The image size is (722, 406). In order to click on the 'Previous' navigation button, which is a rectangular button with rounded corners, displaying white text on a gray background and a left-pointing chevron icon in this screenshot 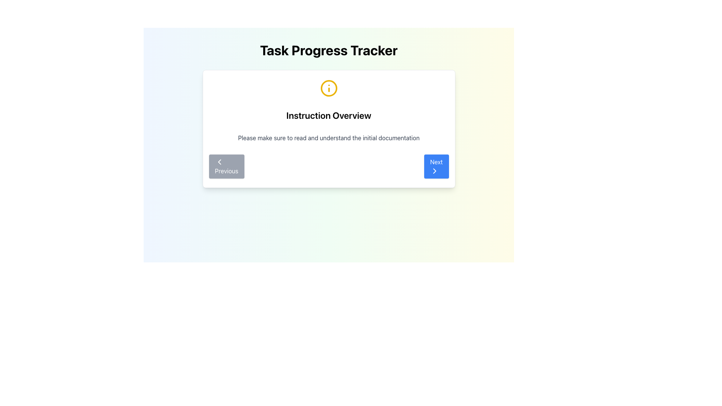, I will do `click(226, 166)`.